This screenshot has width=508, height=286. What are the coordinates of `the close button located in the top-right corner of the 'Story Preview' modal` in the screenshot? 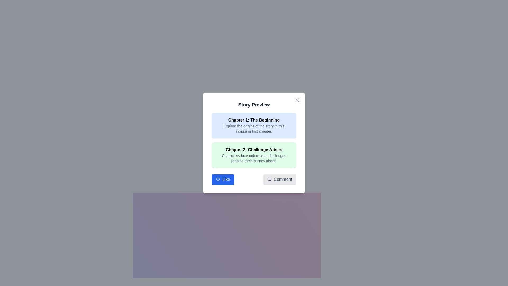 It's located at (297, 100).